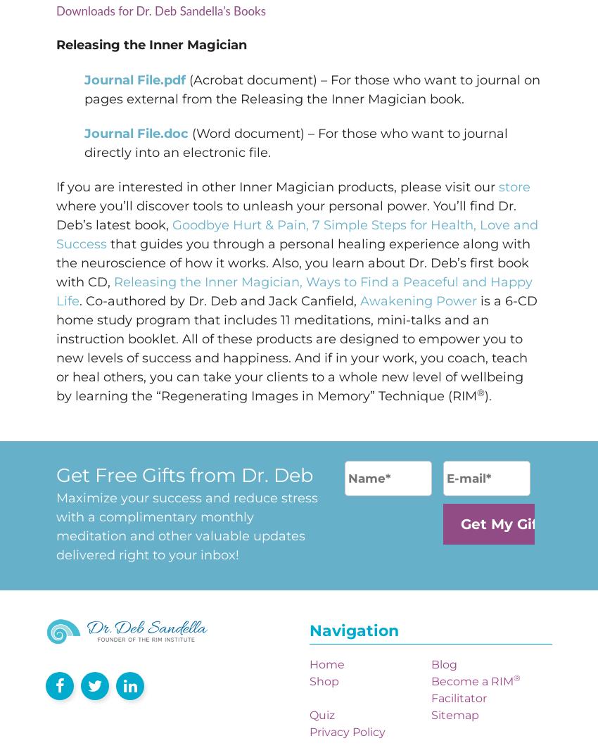 The width and height of the screenshot is (598, 755). I want to click on '(Word document) – For those who want to journal directly into an electronic file.', so click(296, 143).